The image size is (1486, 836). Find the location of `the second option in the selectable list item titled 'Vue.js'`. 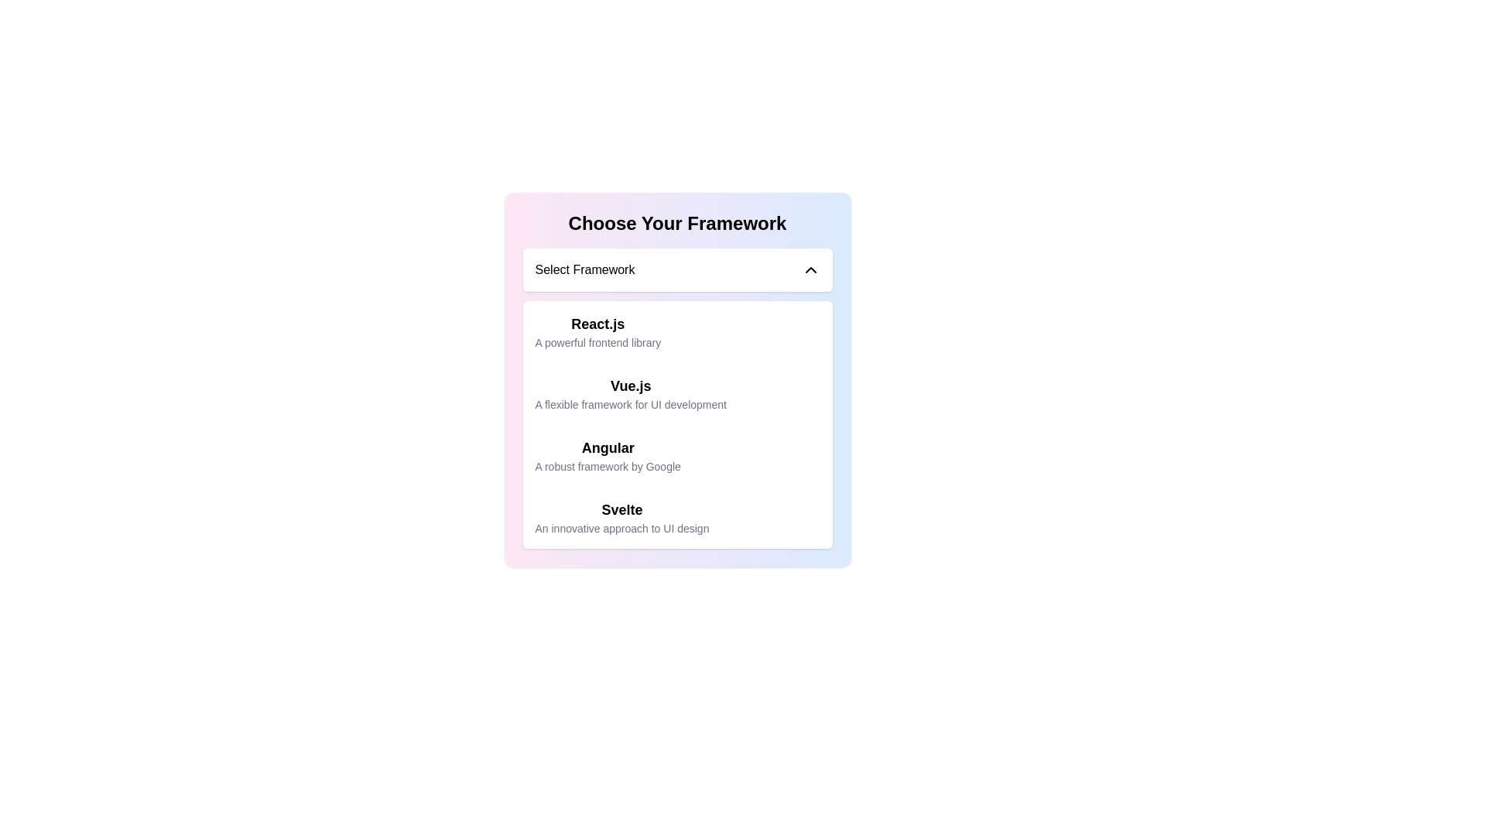

the second option in the selectable list item titled 'Vue.js' is located at coordinates (677, 379).